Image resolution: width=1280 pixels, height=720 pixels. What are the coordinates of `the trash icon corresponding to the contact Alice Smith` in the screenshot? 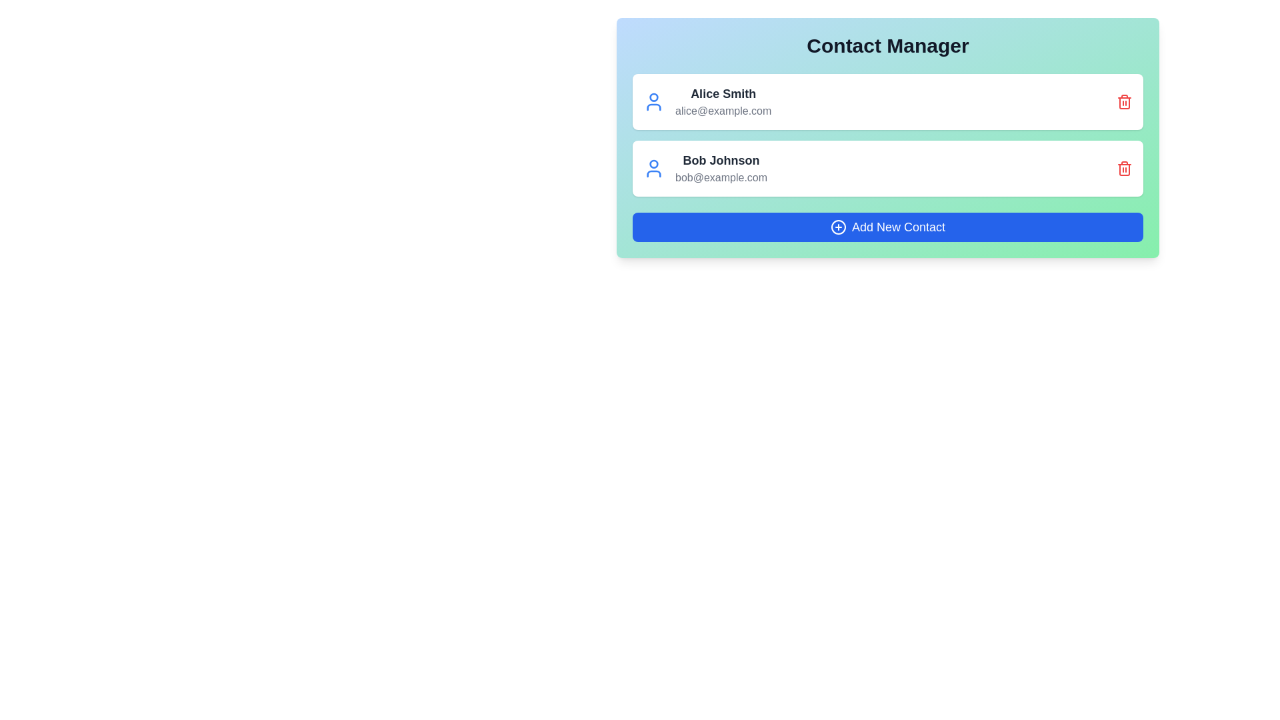 It's located at (1123, 101).